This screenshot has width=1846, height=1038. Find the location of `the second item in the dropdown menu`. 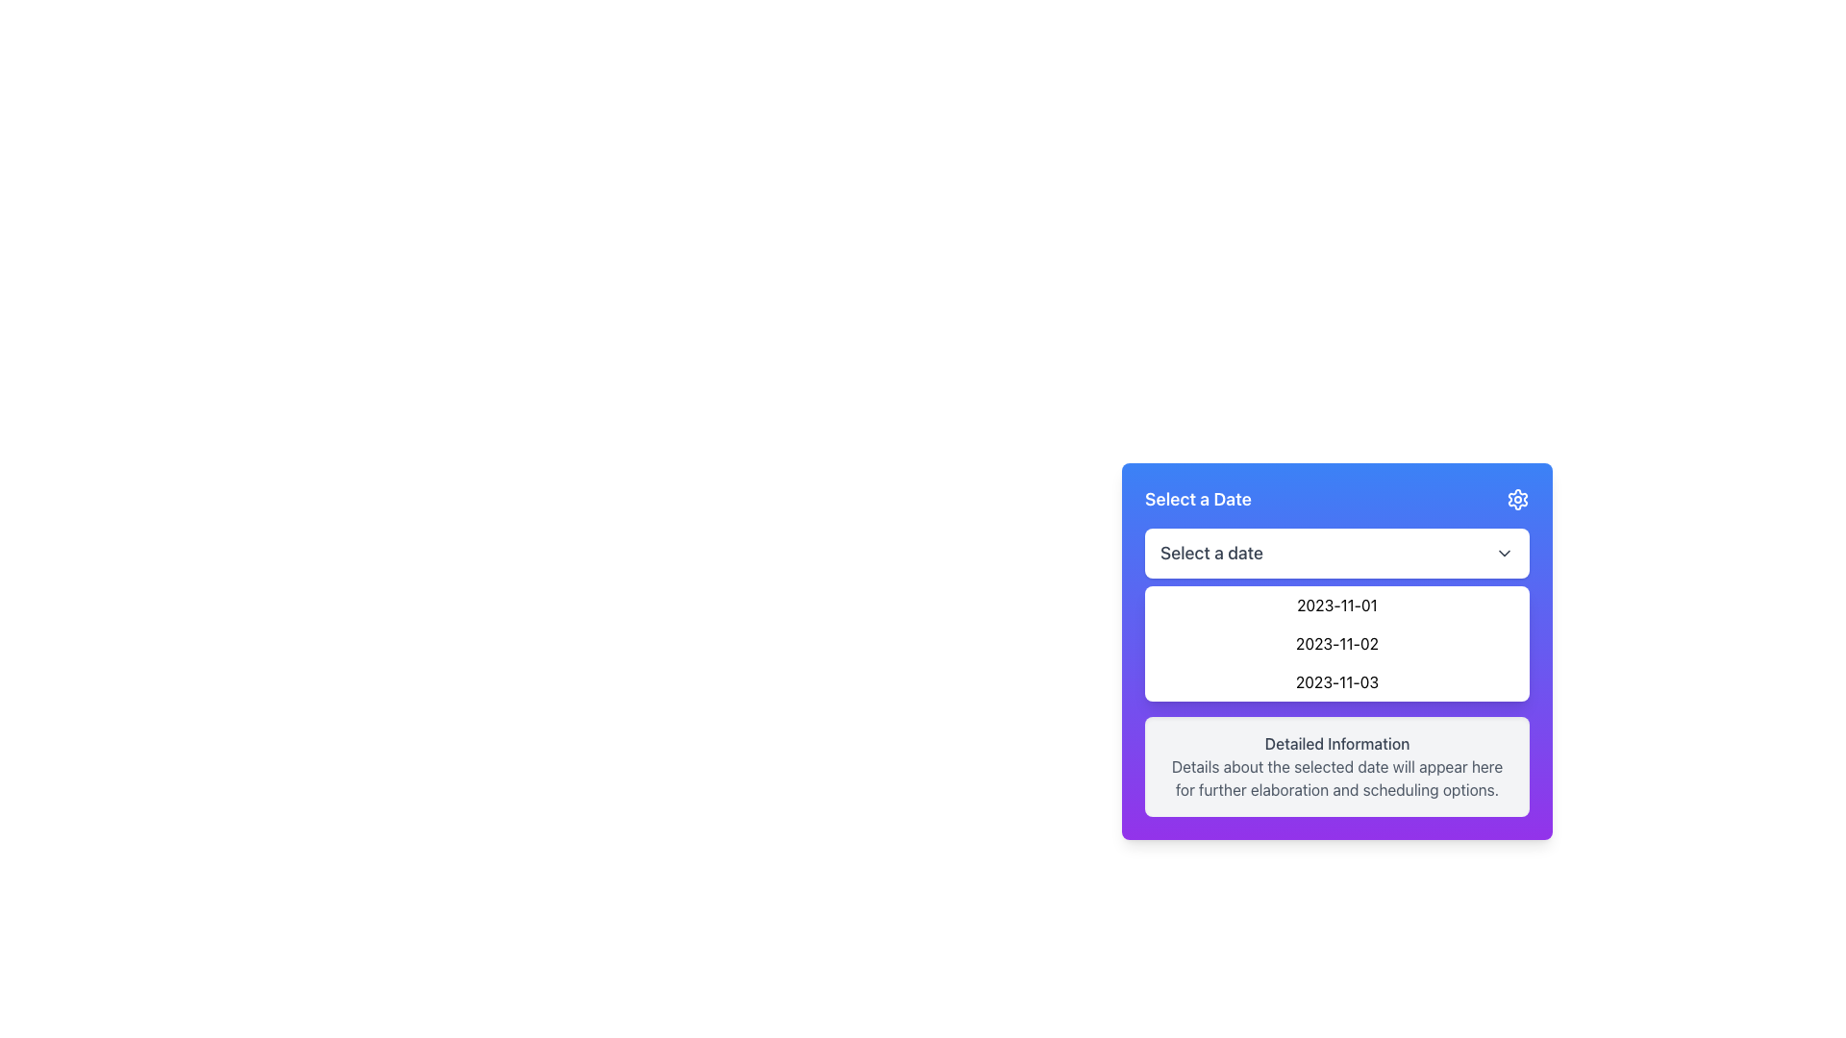

the second item in the dropdown menu is located at coordinates (1336, 644).